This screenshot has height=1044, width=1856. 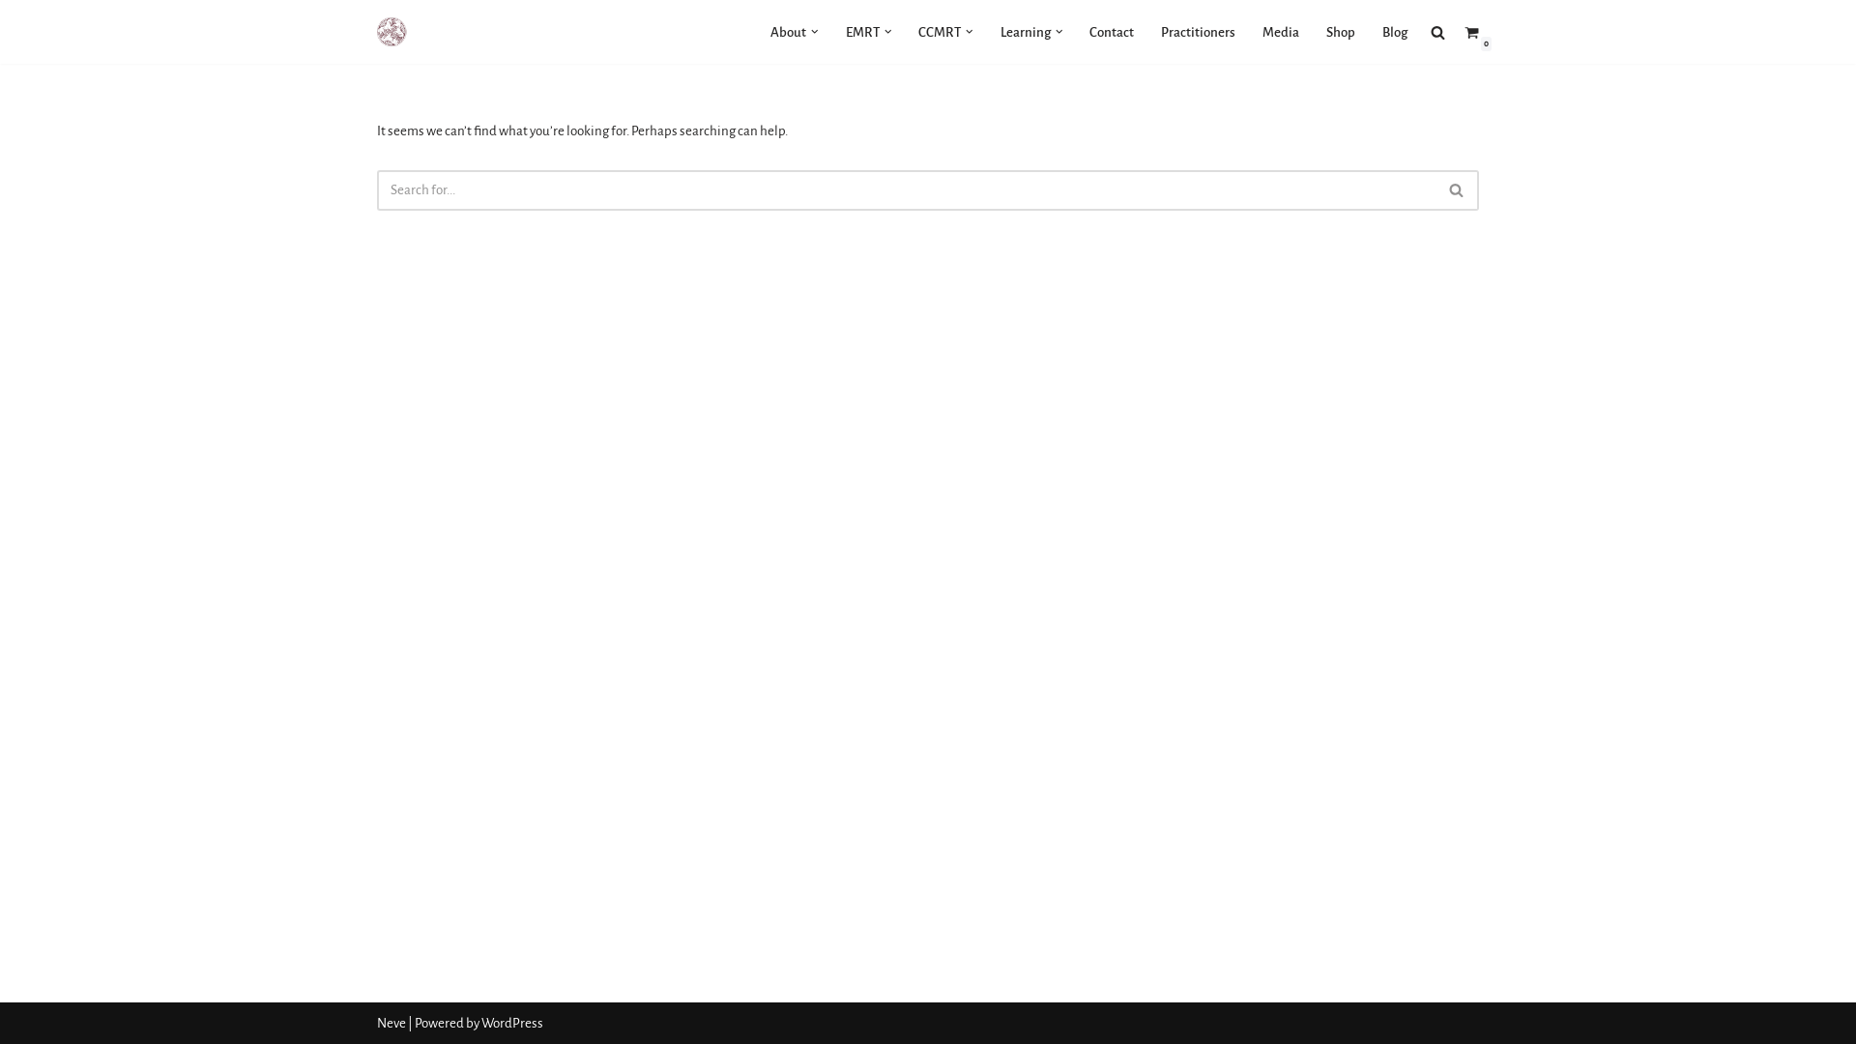 What do you see at coordinates (511, 1021) in the screenshot?
I see `'WordPress'` at bounding box center [511, 1021].